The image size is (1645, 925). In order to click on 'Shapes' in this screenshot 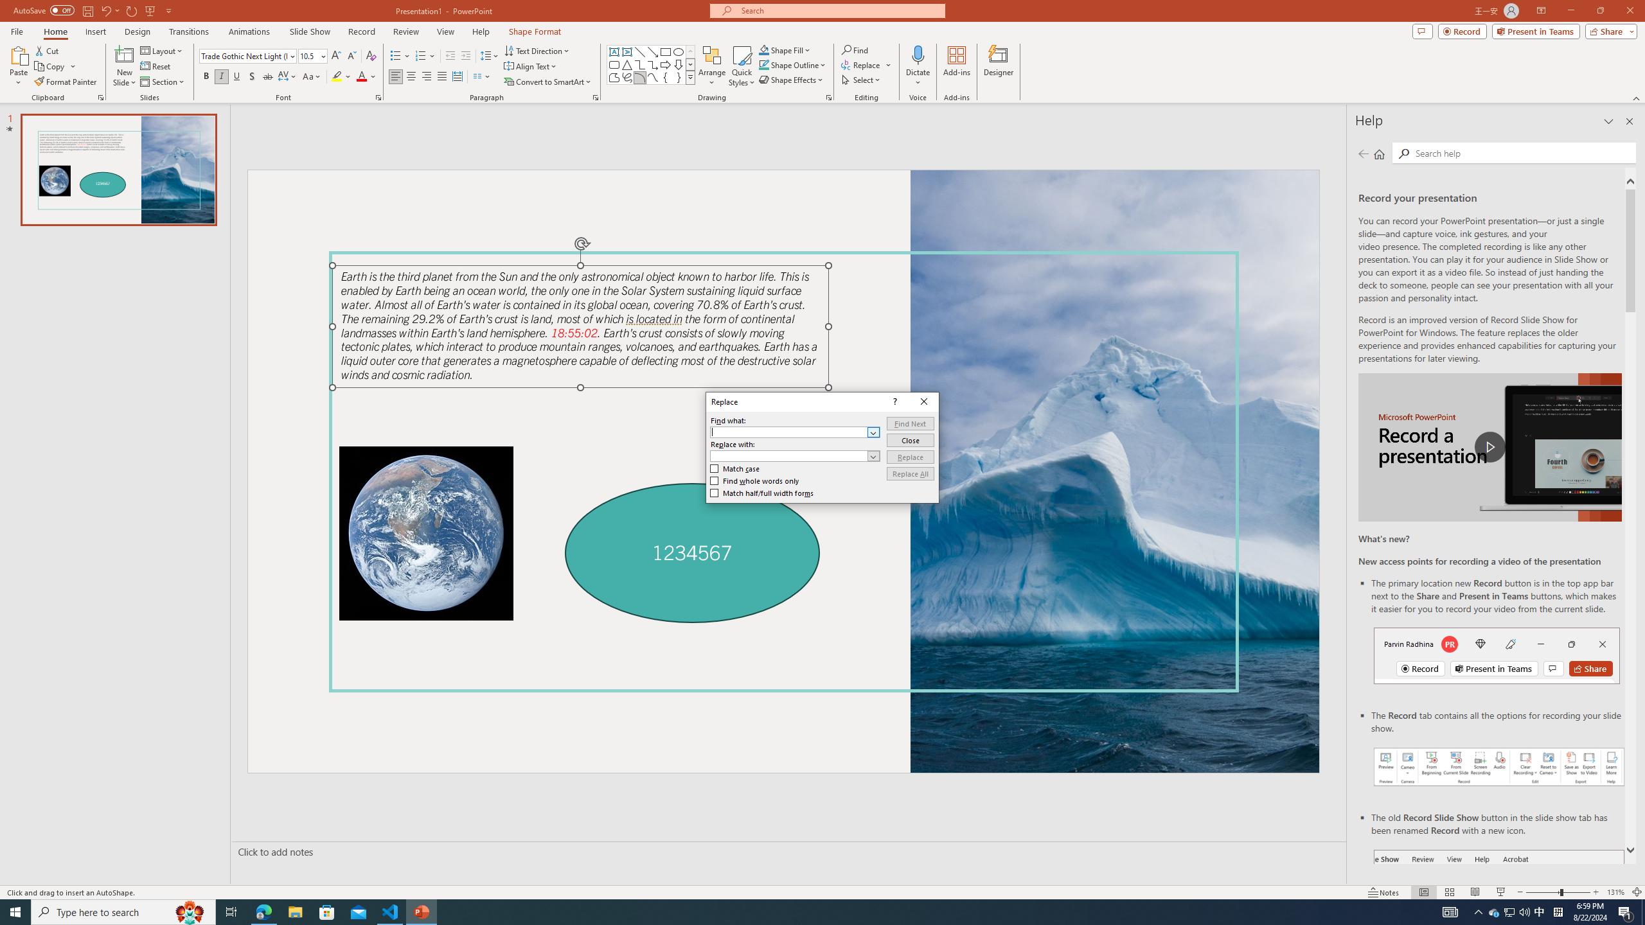, I will do `click(691, 76)`.